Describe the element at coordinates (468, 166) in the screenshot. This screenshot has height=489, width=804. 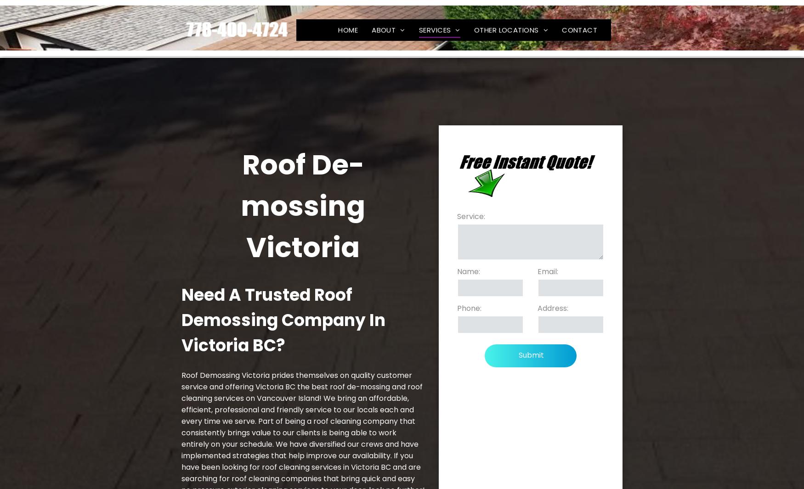
I see `'Pressure Washing'` at that location.